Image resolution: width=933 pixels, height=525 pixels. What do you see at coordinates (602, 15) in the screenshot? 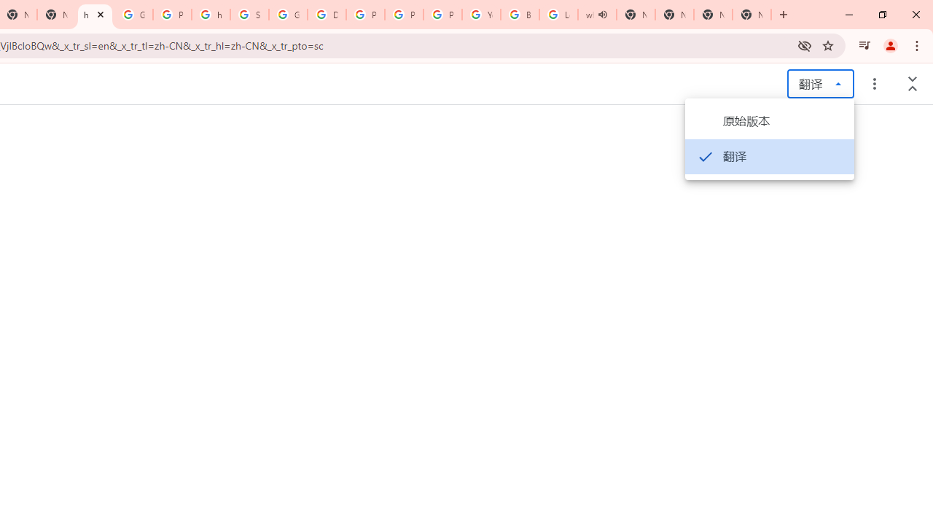
I see `'Mute tab'` at bounding box center [602, 15].